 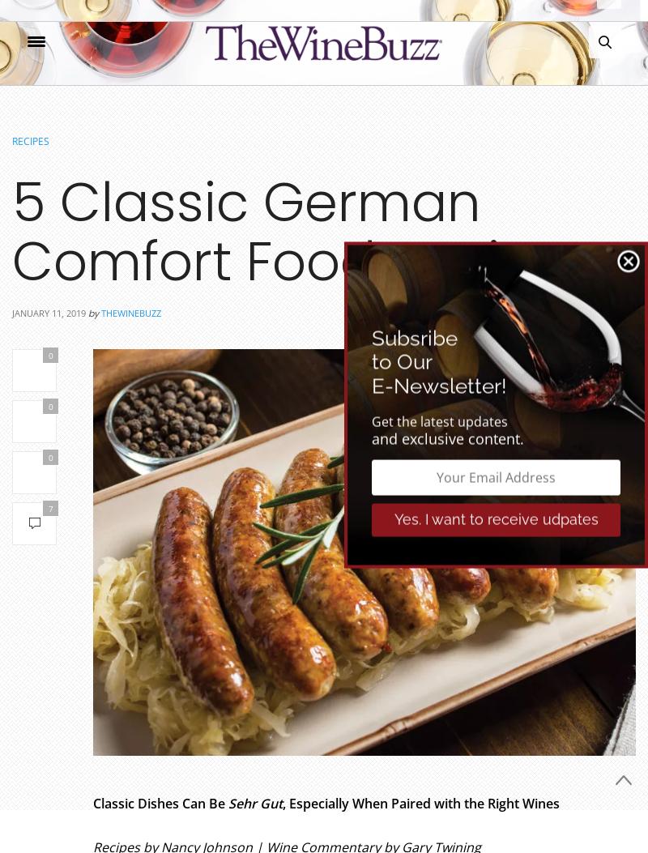 What do you see at coordinates (283, 804) in the screenshot?
I see `', Especially When Paired with the Right Wines'` at bounding box center [283, 804].